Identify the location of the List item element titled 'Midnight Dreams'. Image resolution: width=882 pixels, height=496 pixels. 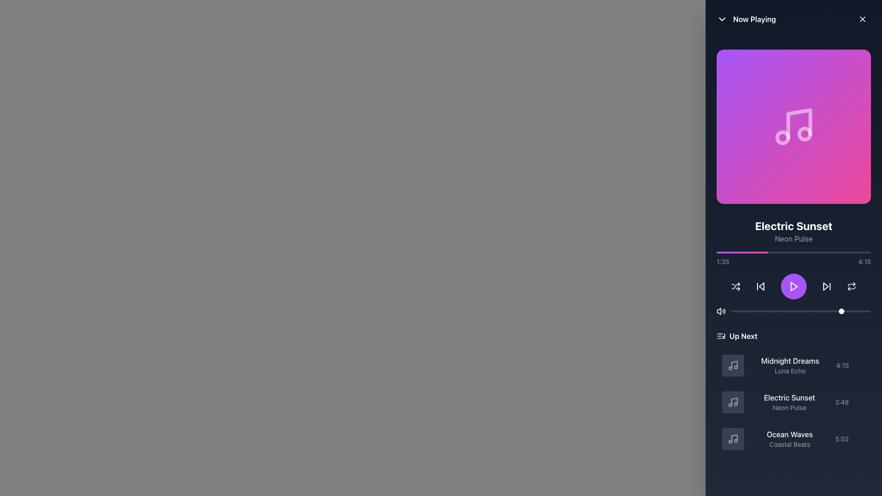
(793, 365).